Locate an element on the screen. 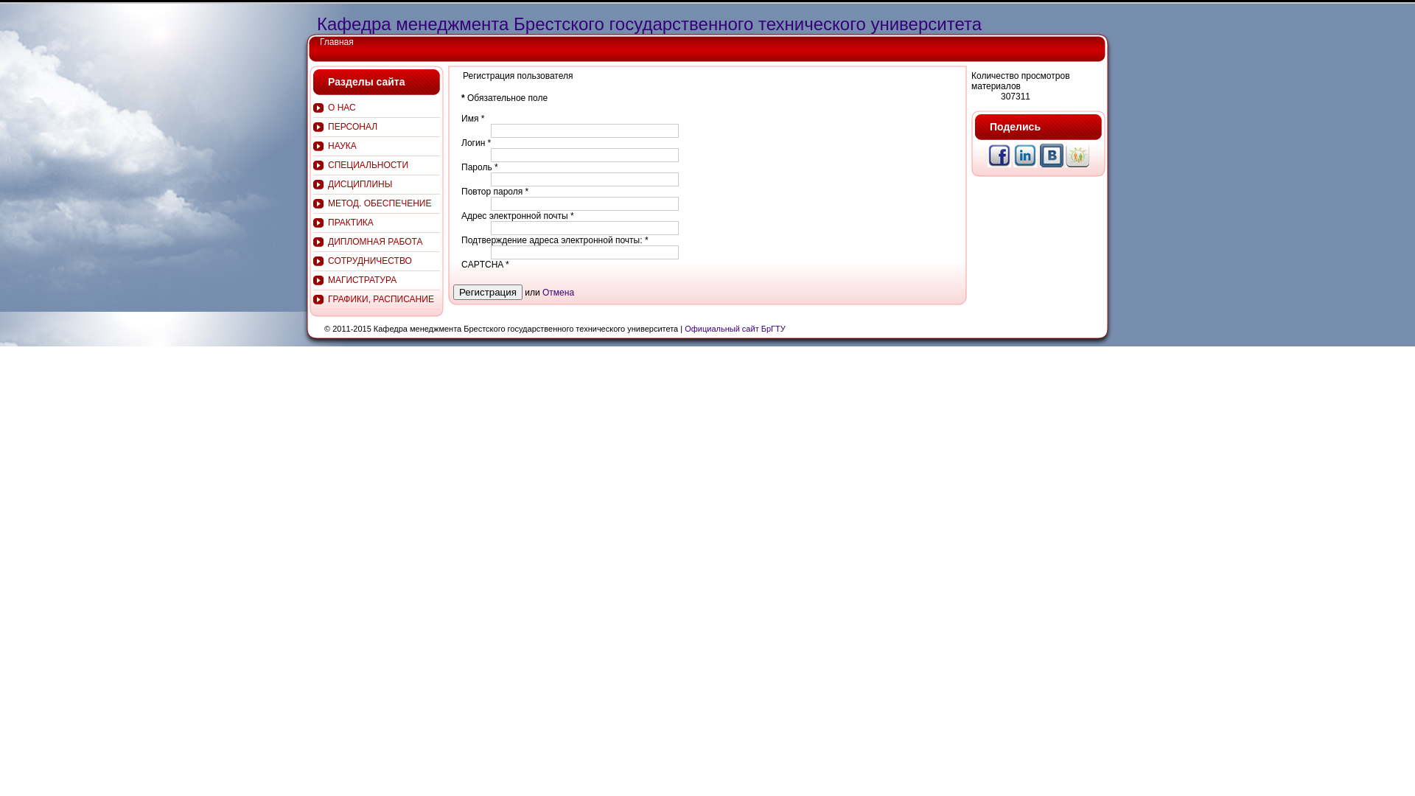 The image size is (1415, 796). 'MOD_MVSOCIALBUTTONS_SUBMIT' is located at coordinates (1000, 164).